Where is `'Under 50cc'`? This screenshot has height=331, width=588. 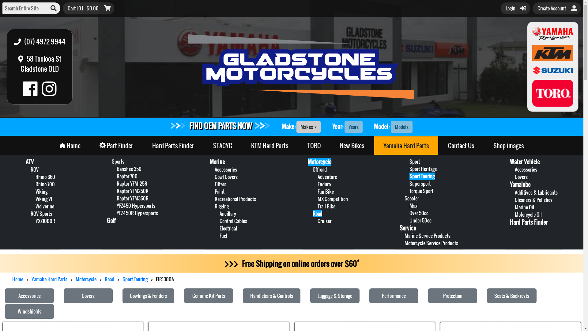 'Under 50cc' is located at coordinates (420, 220).